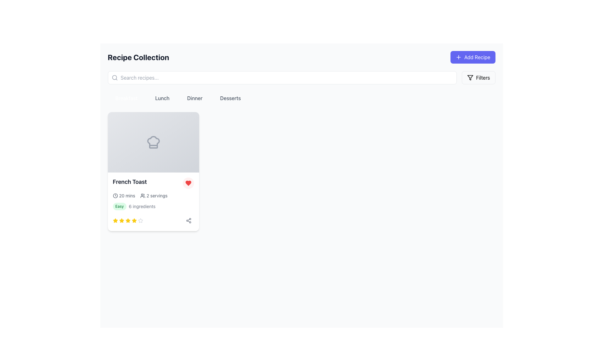  Describe the element at coordinates (459, 57) in the screenshot. I see `the small square-shaped SVG icon representing a 'plus' sign, which is located` at that location.